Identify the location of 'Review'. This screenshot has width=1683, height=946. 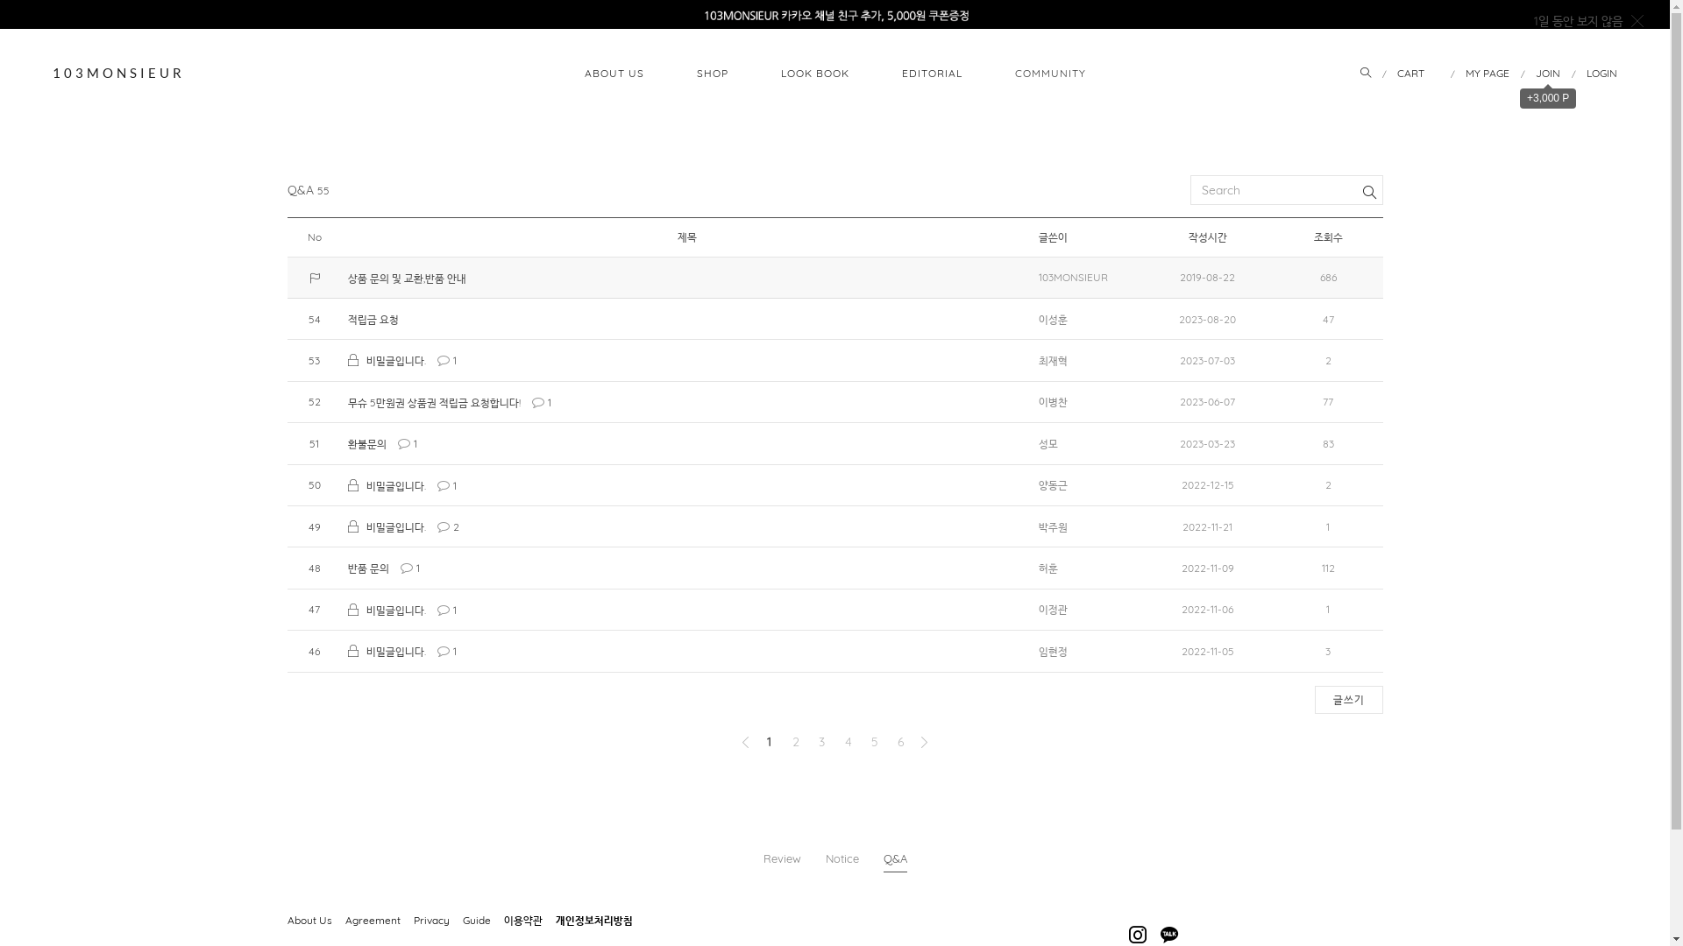
(780, 860).